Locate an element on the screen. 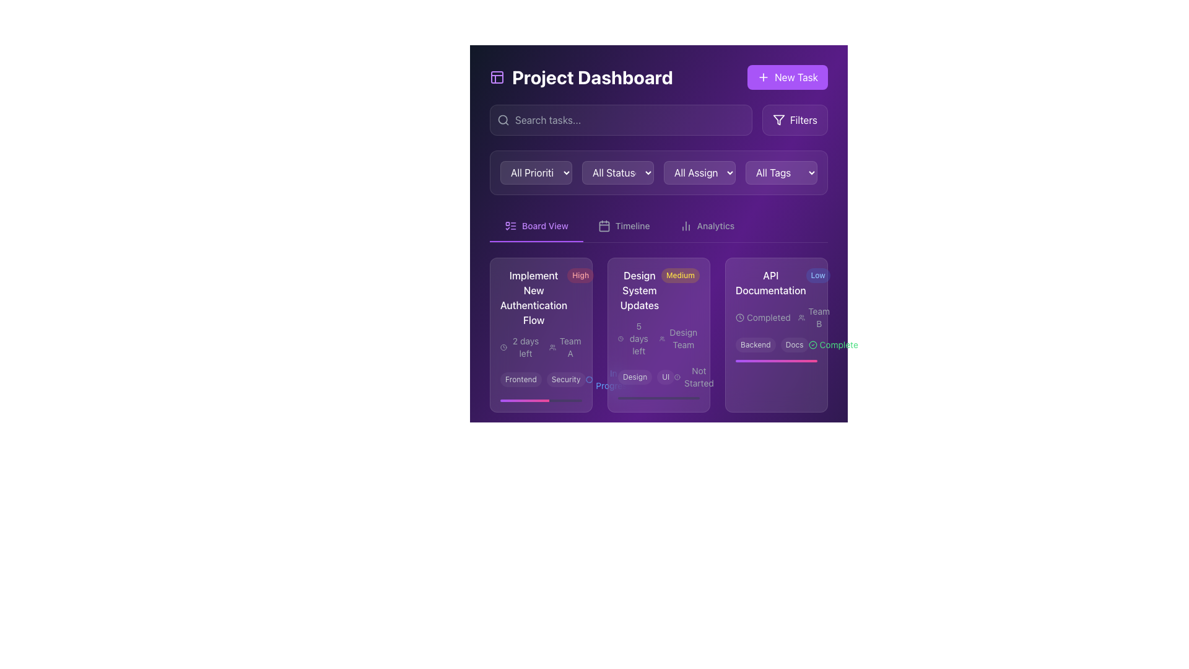 The width and height of the screenshot is (1189, 669). the 'API Documentation' text label, which is displayed in medium-sized white font on a purple background, located in the central section of a task card is located at coordinates (770, 282).